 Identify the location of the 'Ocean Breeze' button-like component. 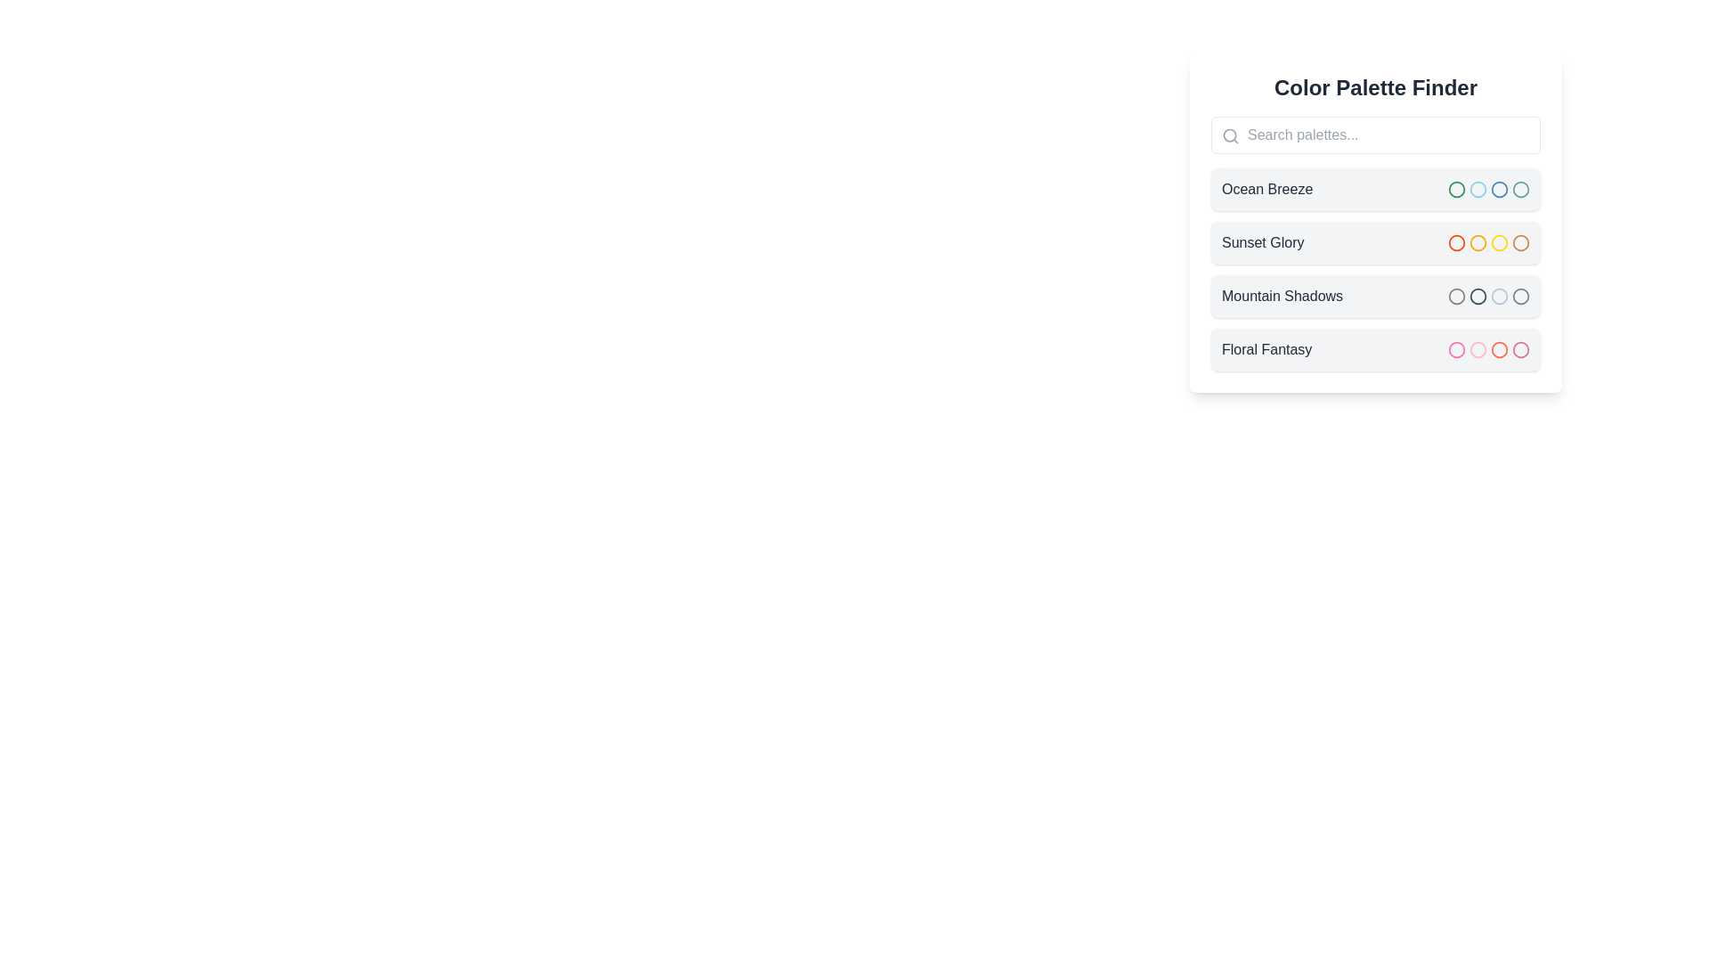
(1375, 189).